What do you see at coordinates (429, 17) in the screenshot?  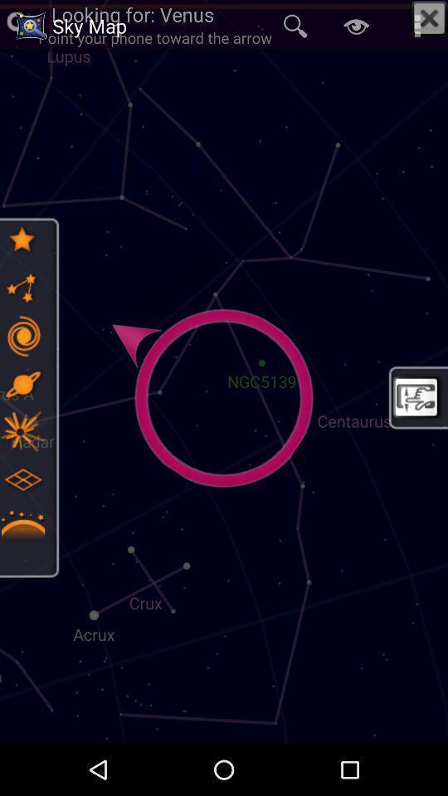 I see `the close icon` at bounding box center [429, 17].